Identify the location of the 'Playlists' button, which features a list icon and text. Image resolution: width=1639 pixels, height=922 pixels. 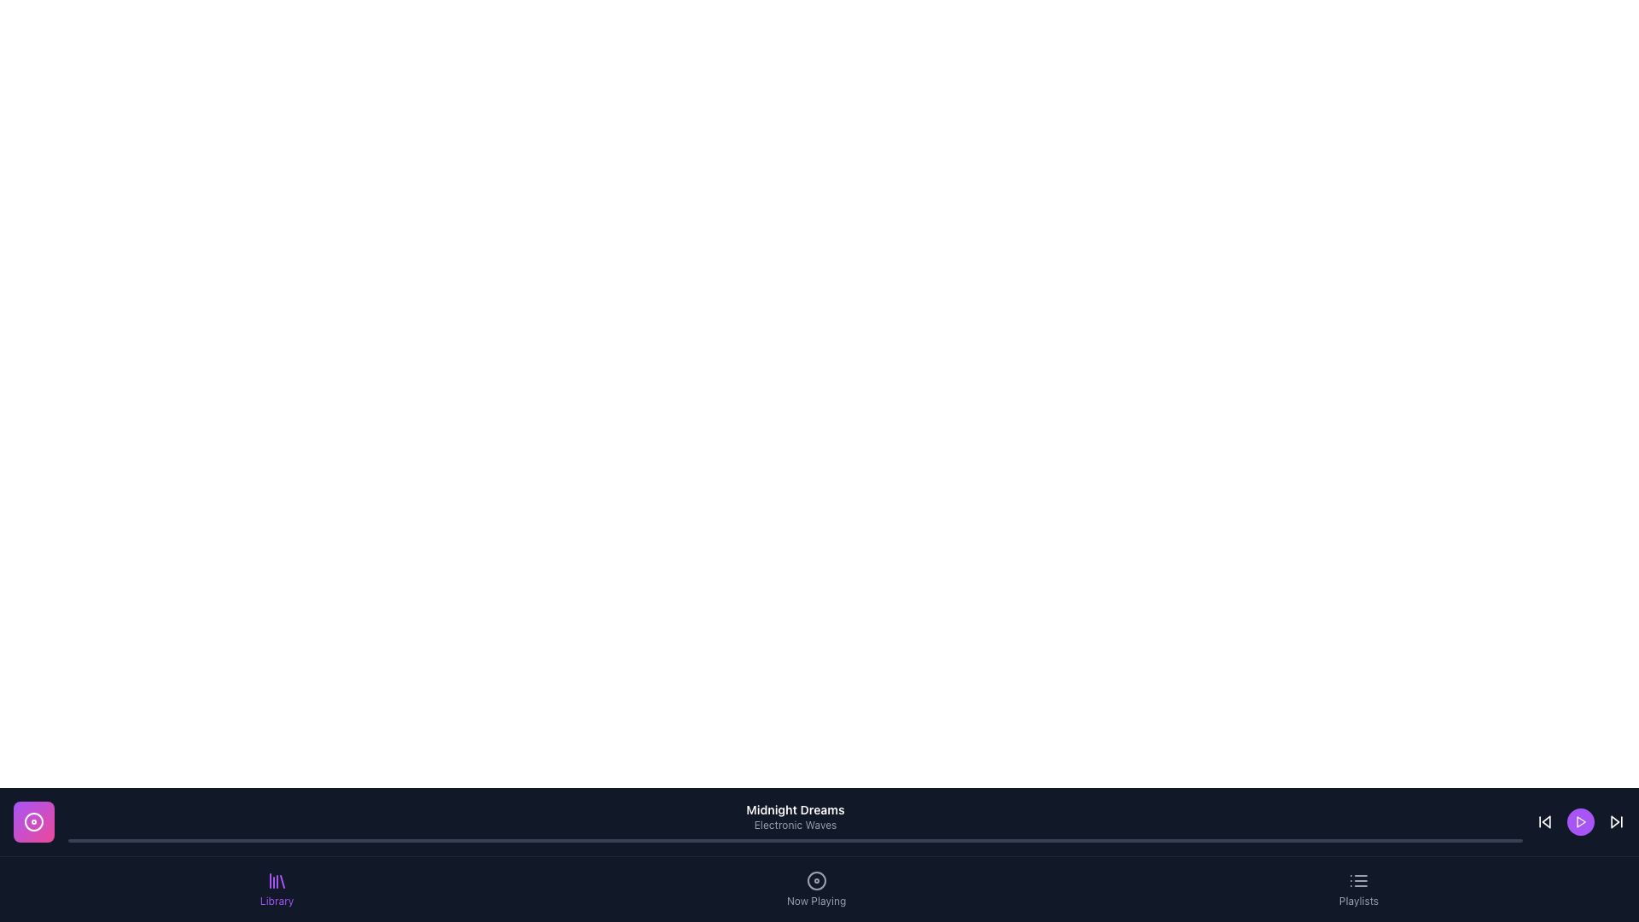
(1358, 888).